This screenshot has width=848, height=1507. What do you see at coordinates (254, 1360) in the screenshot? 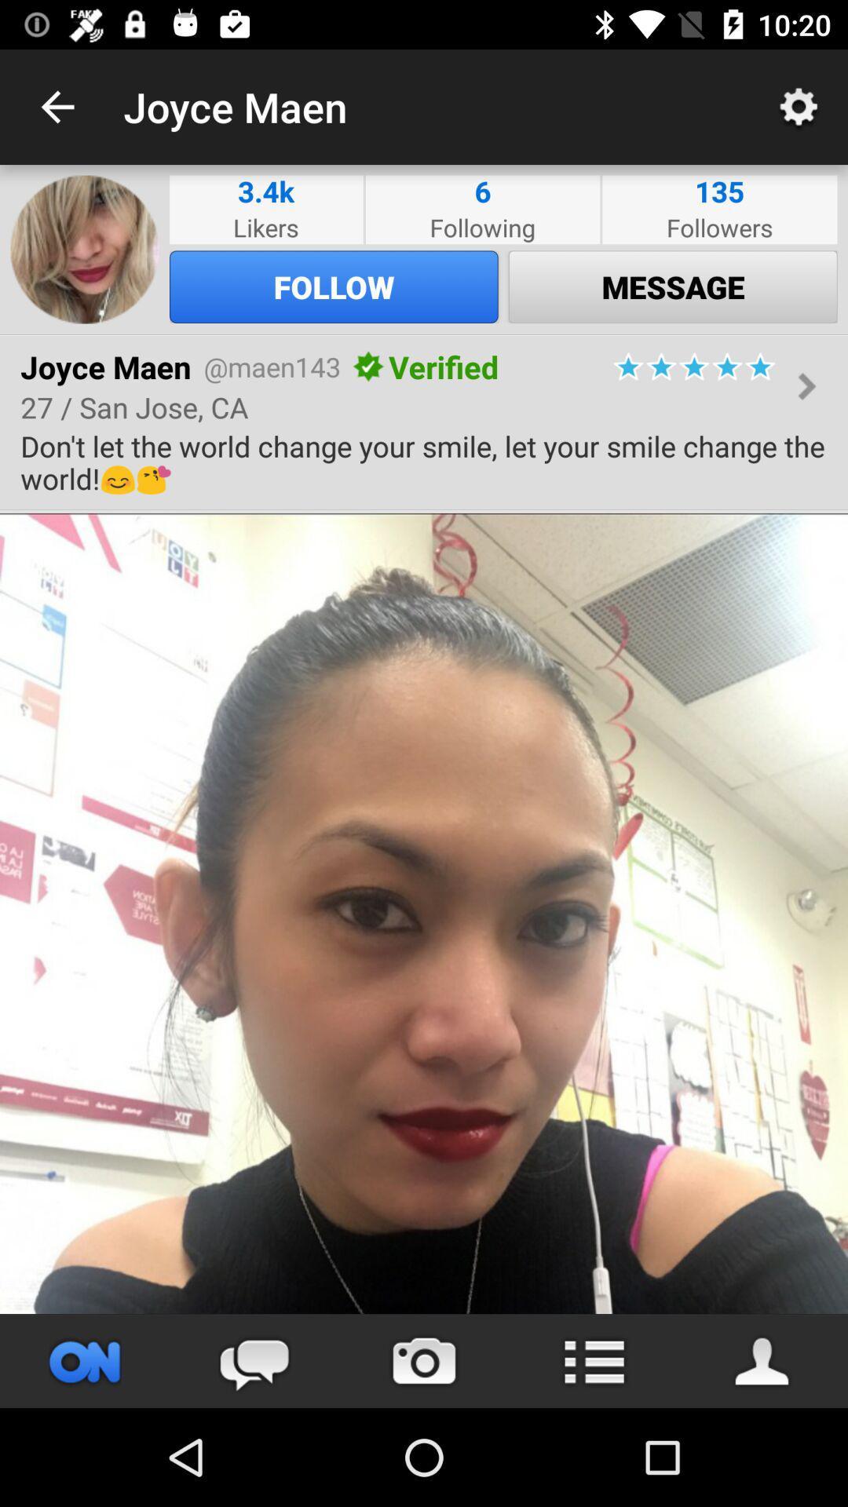
I see `chat` at bounding box center [254, 1360].